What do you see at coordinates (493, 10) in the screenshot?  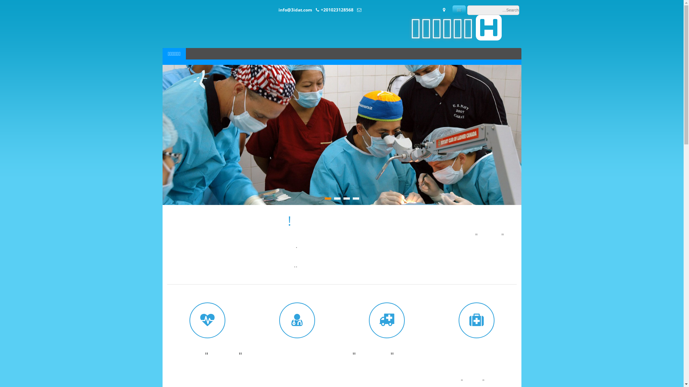 I see `'Search for:'` at bounding box center [493, 10].